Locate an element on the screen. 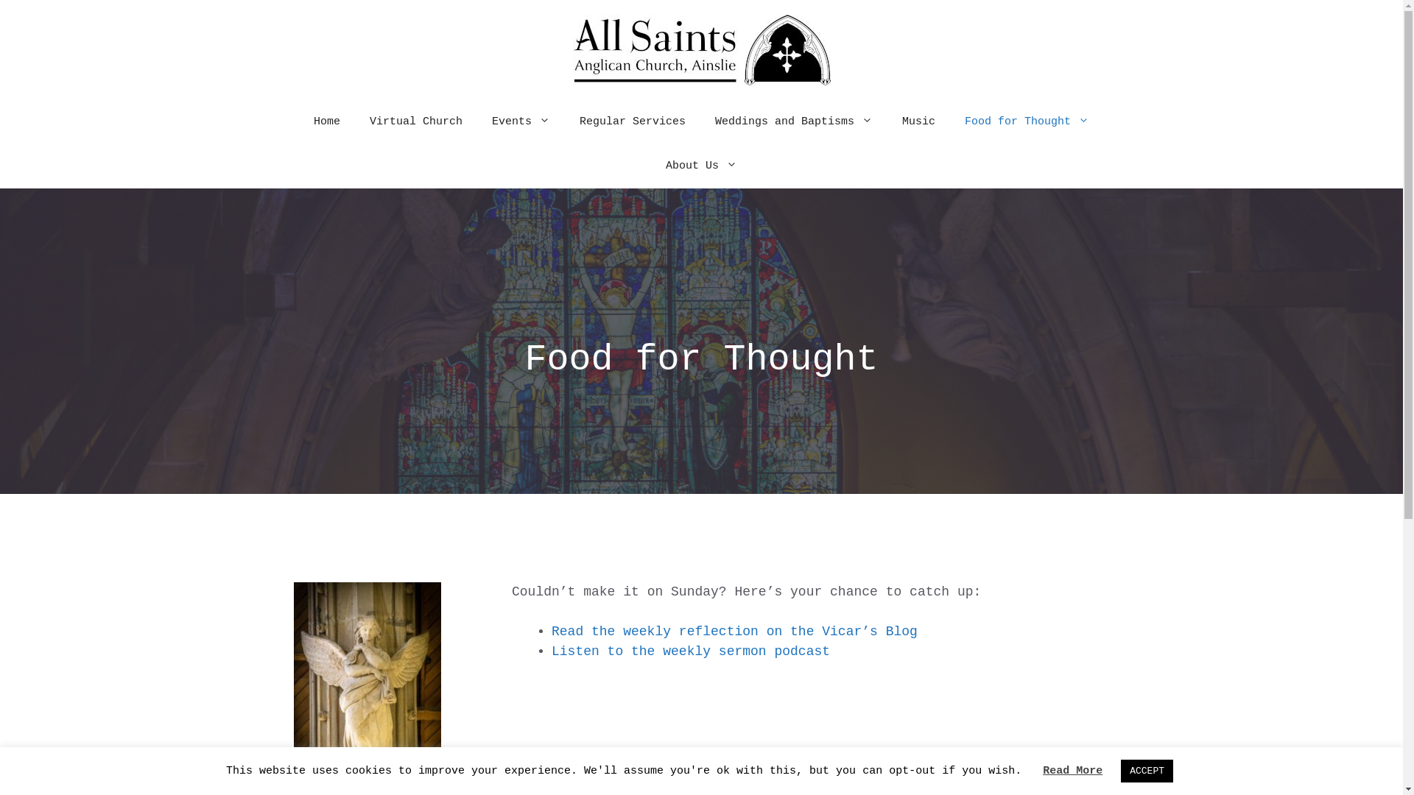  'ACCEPT' is located at coordinates (1119, 770).